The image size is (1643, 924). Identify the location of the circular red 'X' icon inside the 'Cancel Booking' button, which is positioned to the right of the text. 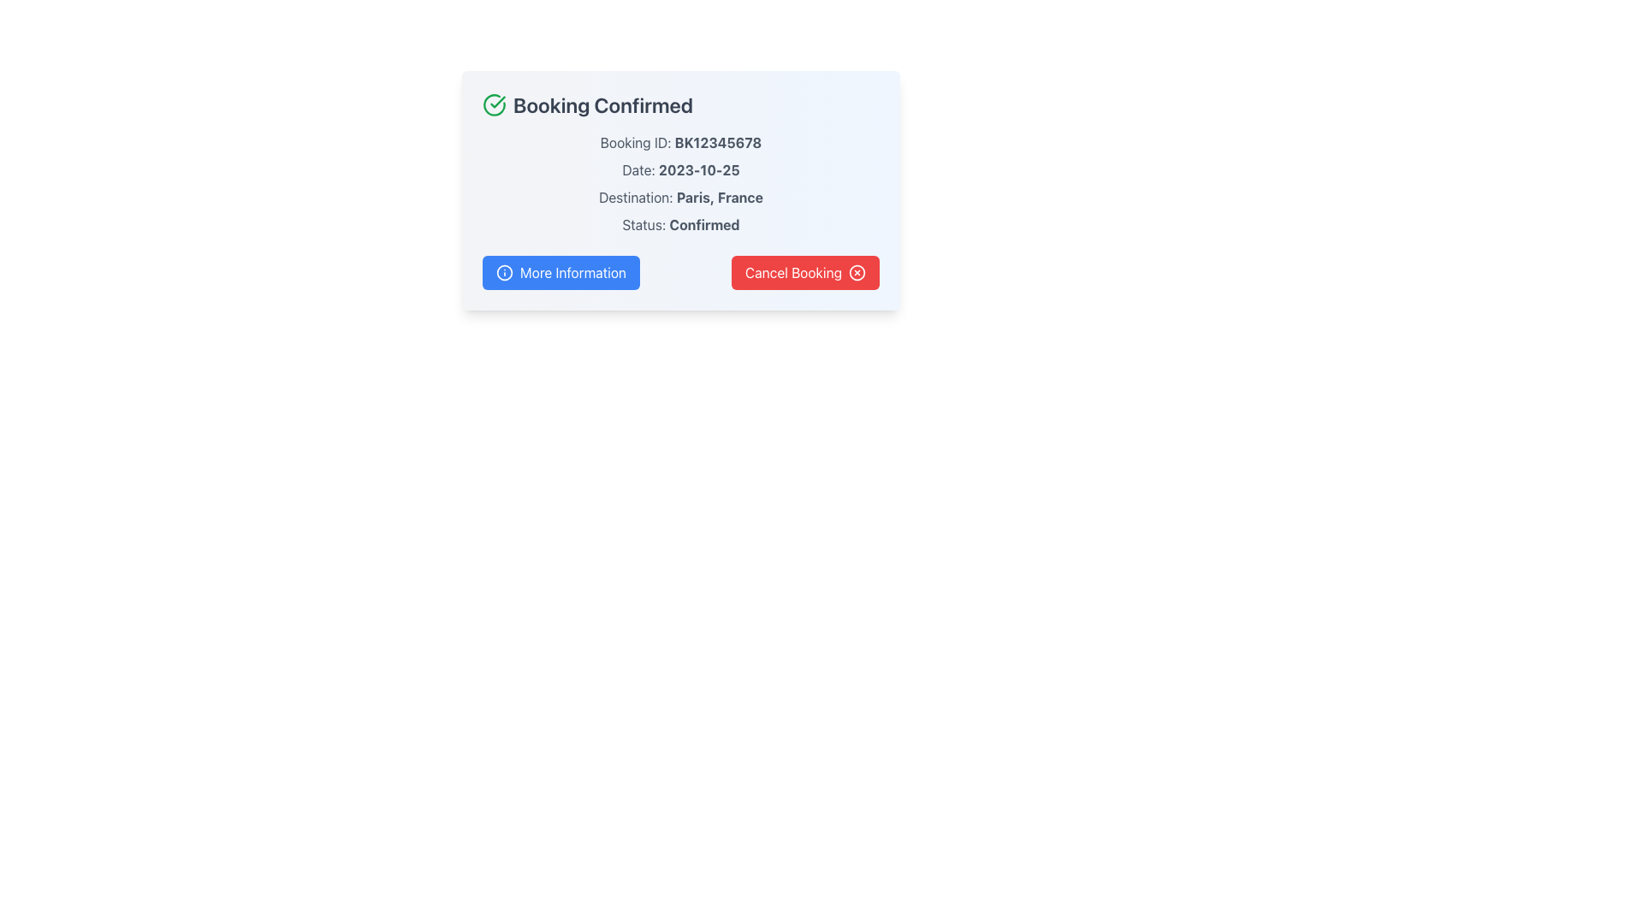
(857, 272).